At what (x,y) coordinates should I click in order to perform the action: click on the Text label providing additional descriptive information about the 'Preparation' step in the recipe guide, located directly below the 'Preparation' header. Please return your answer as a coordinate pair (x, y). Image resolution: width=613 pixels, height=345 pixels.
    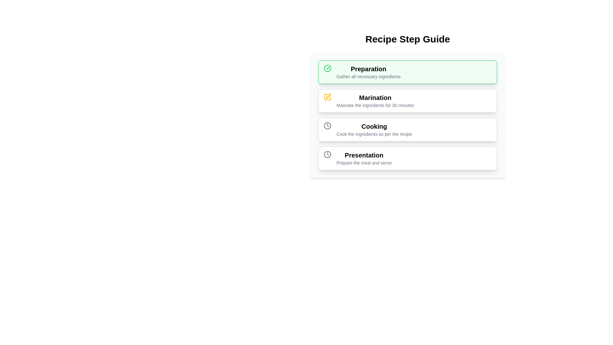
    Looking at the image, I should click on (368, 76).